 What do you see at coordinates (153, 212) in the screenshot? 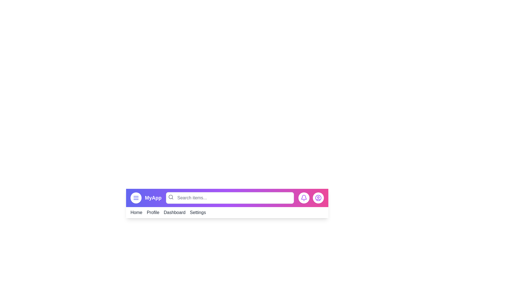
I see `the navigation menu item Profile` at bounding box center [153, 212].